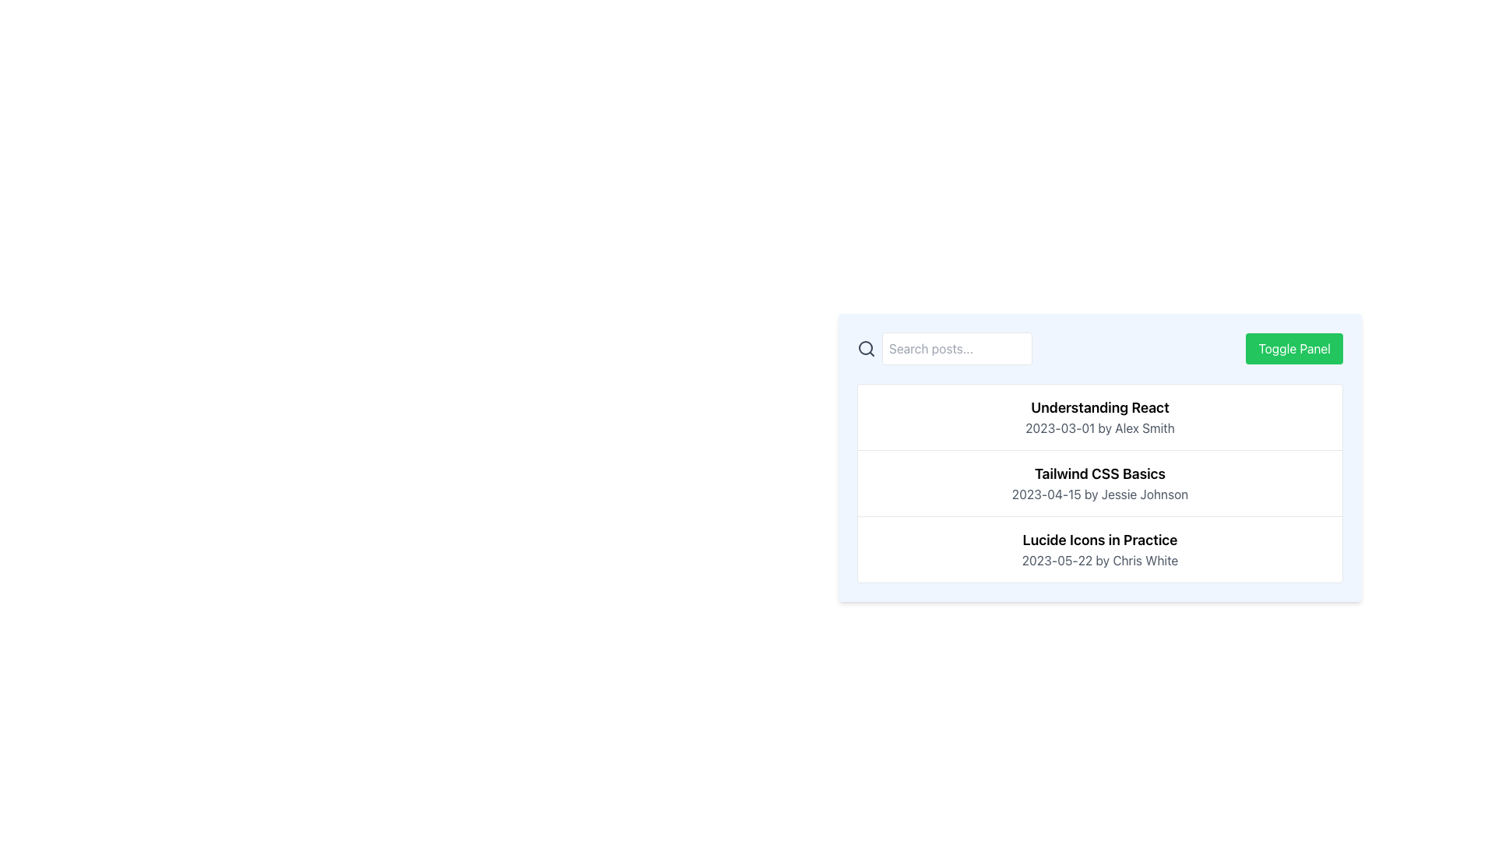 Image resolution: width=1495 pixels, height=841 pixels. What do you see at coordinates (1099, 428) in the screenshot?
I see `the Text label displaying metadata about the post 'Understanding React', which includes the publication date and author's name` at bounding box center [1099, 428].